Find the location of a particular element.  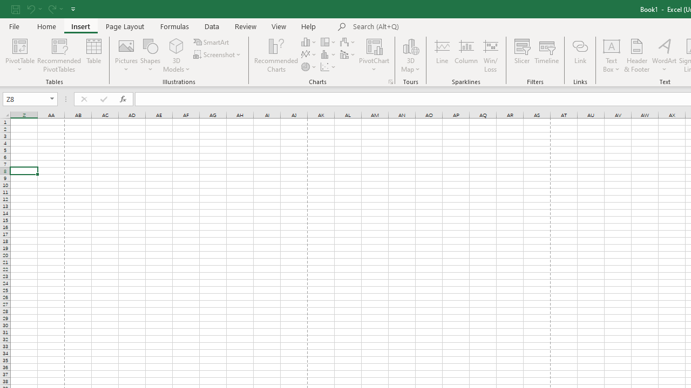

'Table' is located at coordinates (94, 56).